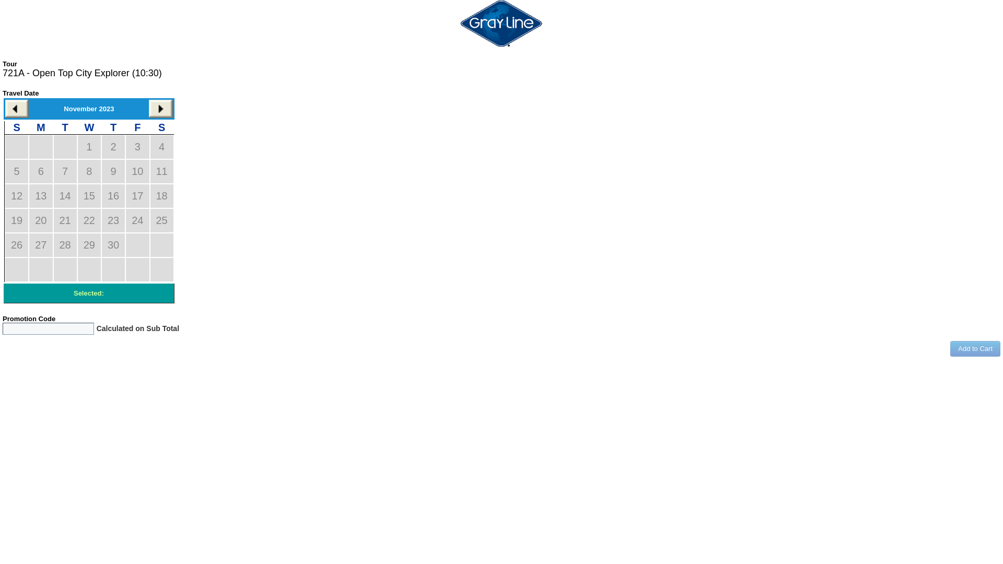 This screenshot has height=564, width=1003. Describe the element at coordinates (975, 348) in the screenshot. I see `'Add to Cart'` at that location.